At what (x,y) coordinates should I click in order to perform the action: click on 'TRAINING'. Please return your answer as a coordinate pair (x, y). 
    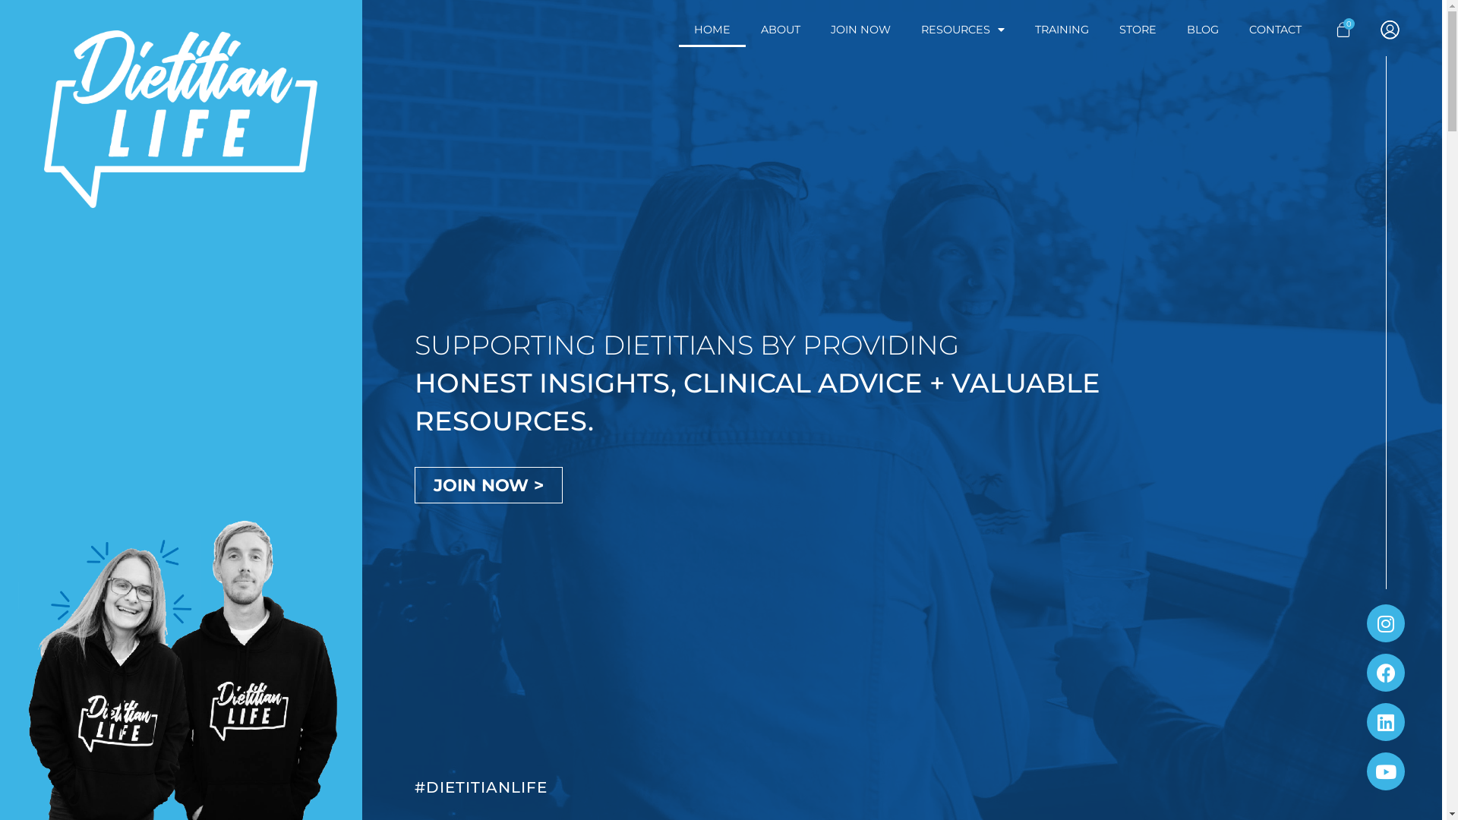
    Looking at the image, I should click on (1061, 29).